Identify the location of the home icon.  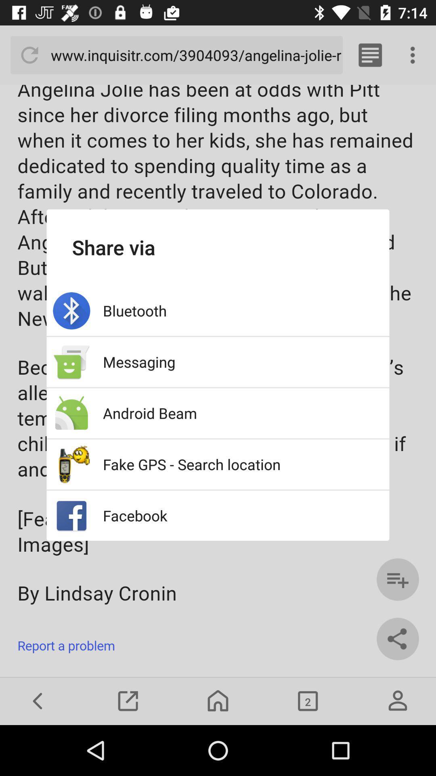
(218, 700).